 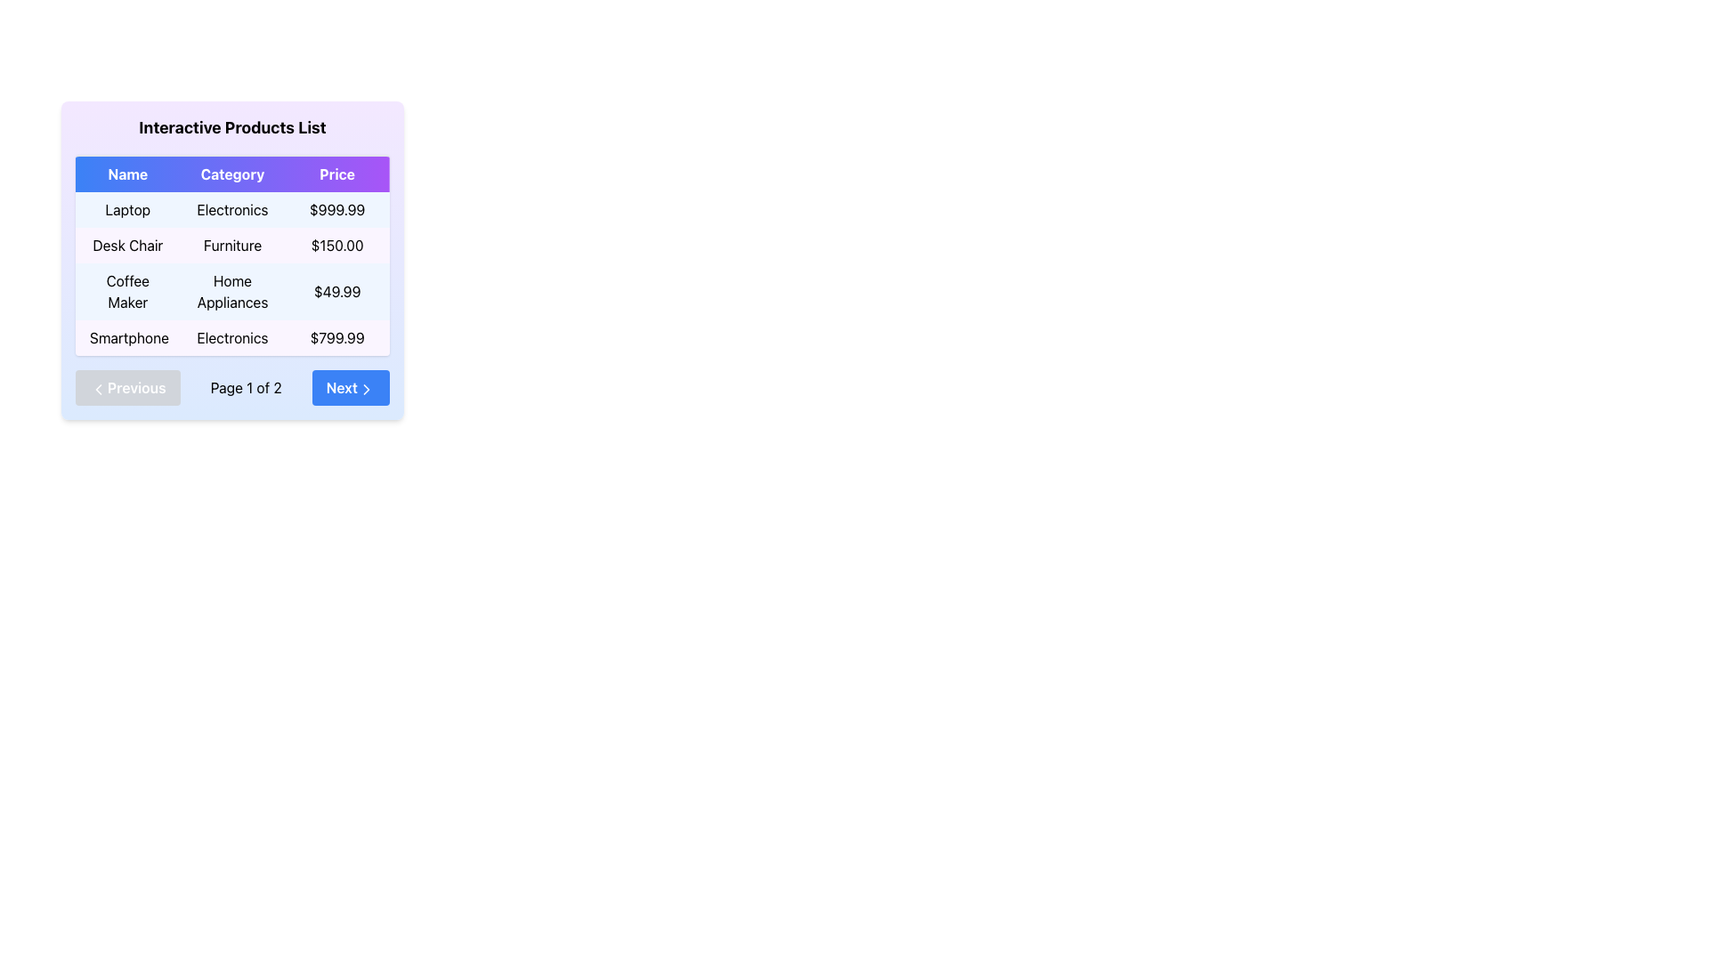 What do you see at coordinates (351, 386) in the screenshot?
I see `the button located at the bottom right corner of the 'Interactive Products List' panel` at bounding box center [351, 386].